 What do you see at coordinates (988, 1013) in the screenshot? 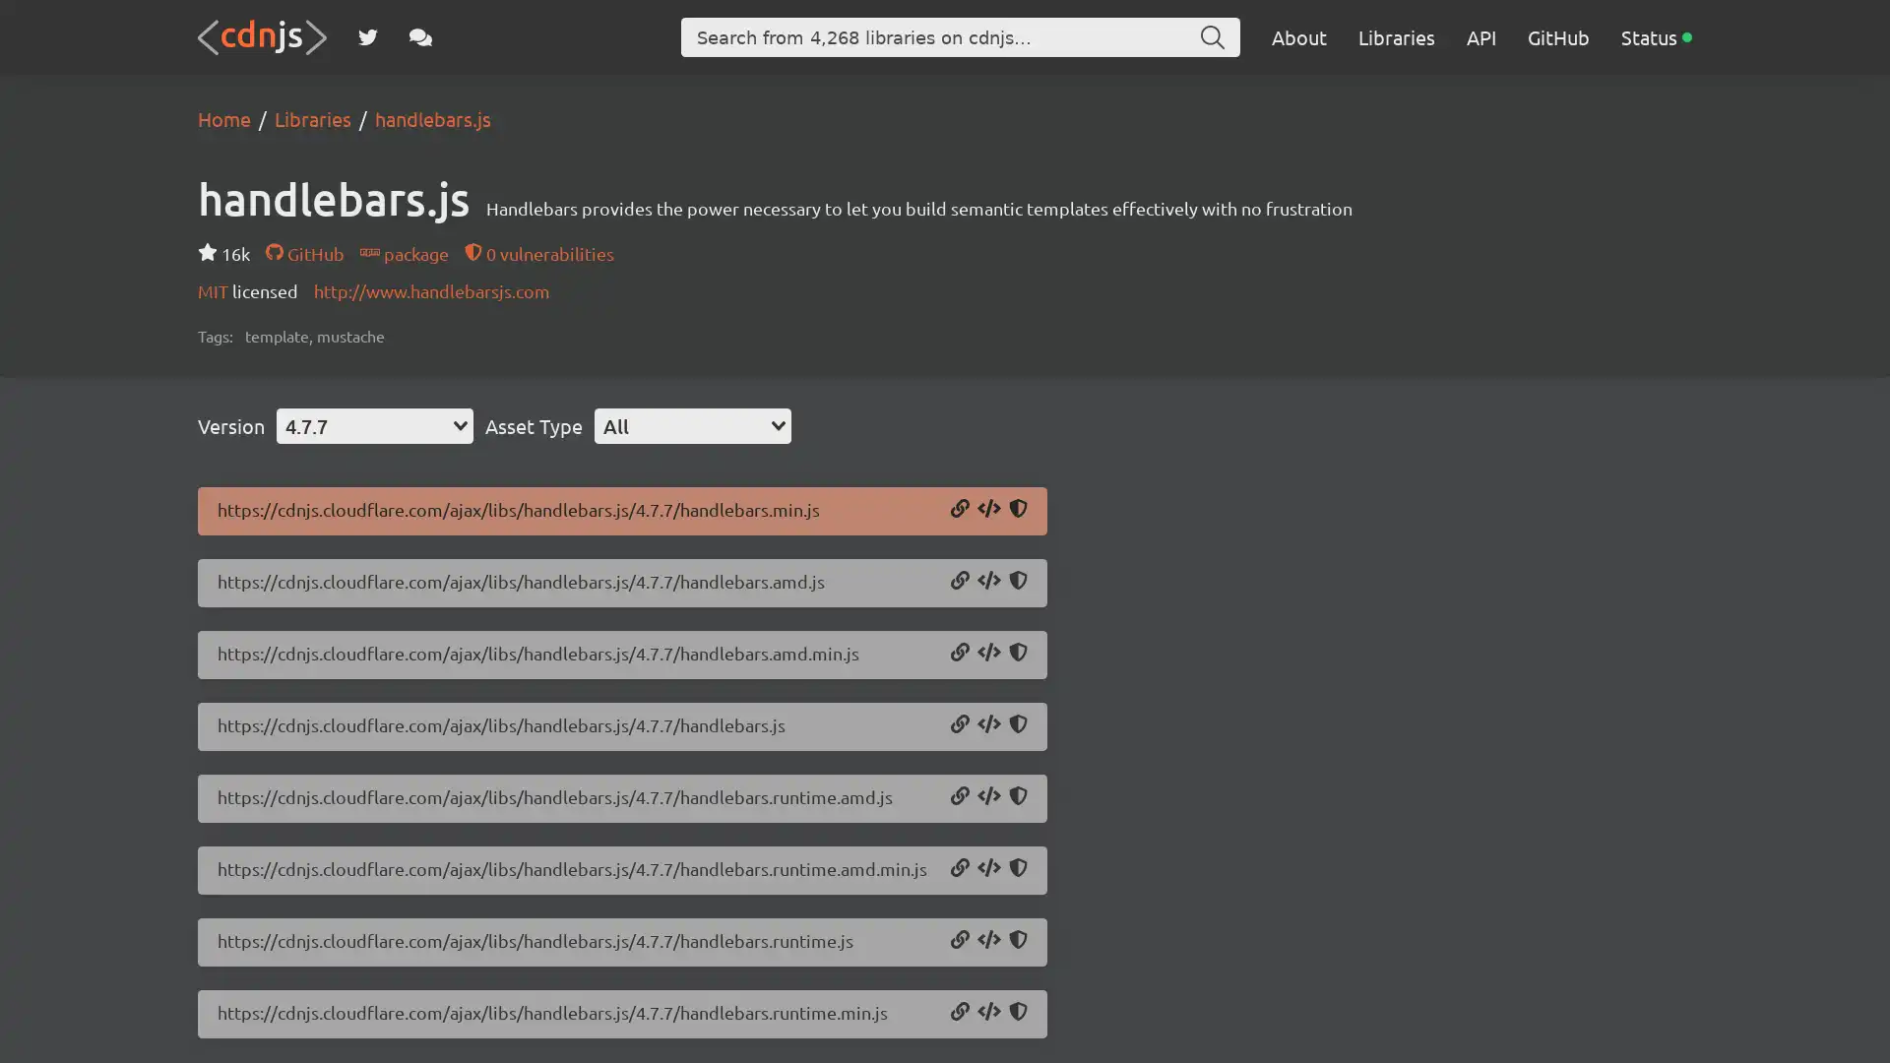
I see `Copy Script Tag` at bounding box center [988, 1013].